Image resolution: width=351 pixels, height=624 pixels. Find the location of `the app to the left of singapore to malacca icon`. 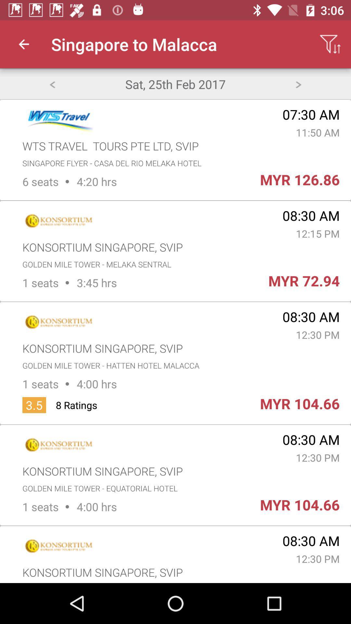

the app to the left of singapore to malacca icon is located at coordinates (23, 44).